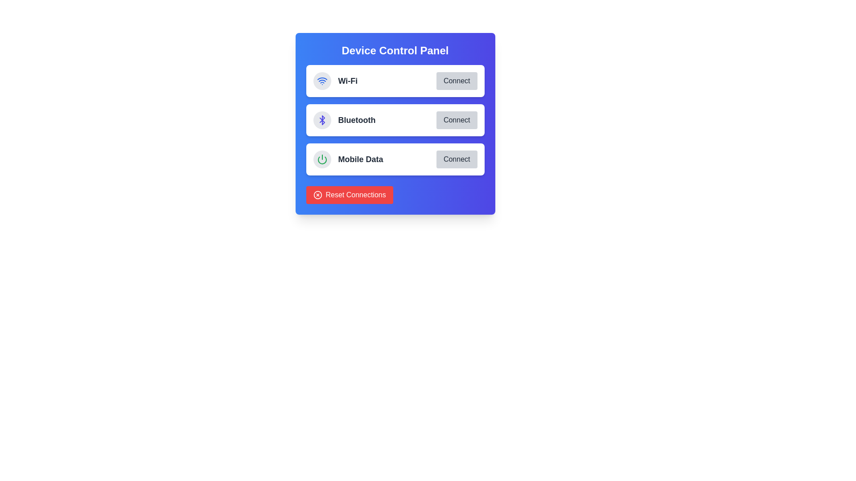 The height and width of the screenshot is (481, 856). I want to click on the 'Reset Connections' button, which is a rectangular button with a red background and white text, located in the bottom section of the 'Device Control Panel' interface, so click(349, 195).